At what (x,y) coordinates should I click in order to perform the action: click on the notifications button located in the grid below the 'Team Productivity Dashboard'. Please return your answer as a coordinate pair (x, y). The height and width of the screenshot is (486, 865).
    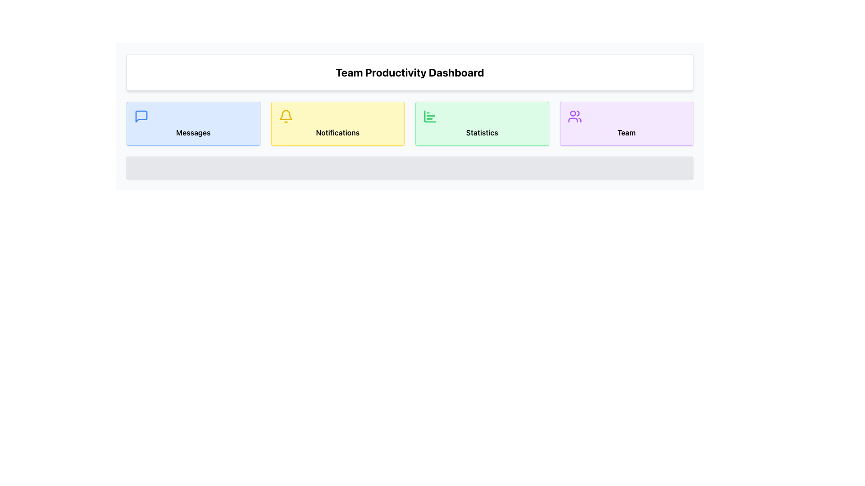
    Looking at the image, I should click on (337, 123).